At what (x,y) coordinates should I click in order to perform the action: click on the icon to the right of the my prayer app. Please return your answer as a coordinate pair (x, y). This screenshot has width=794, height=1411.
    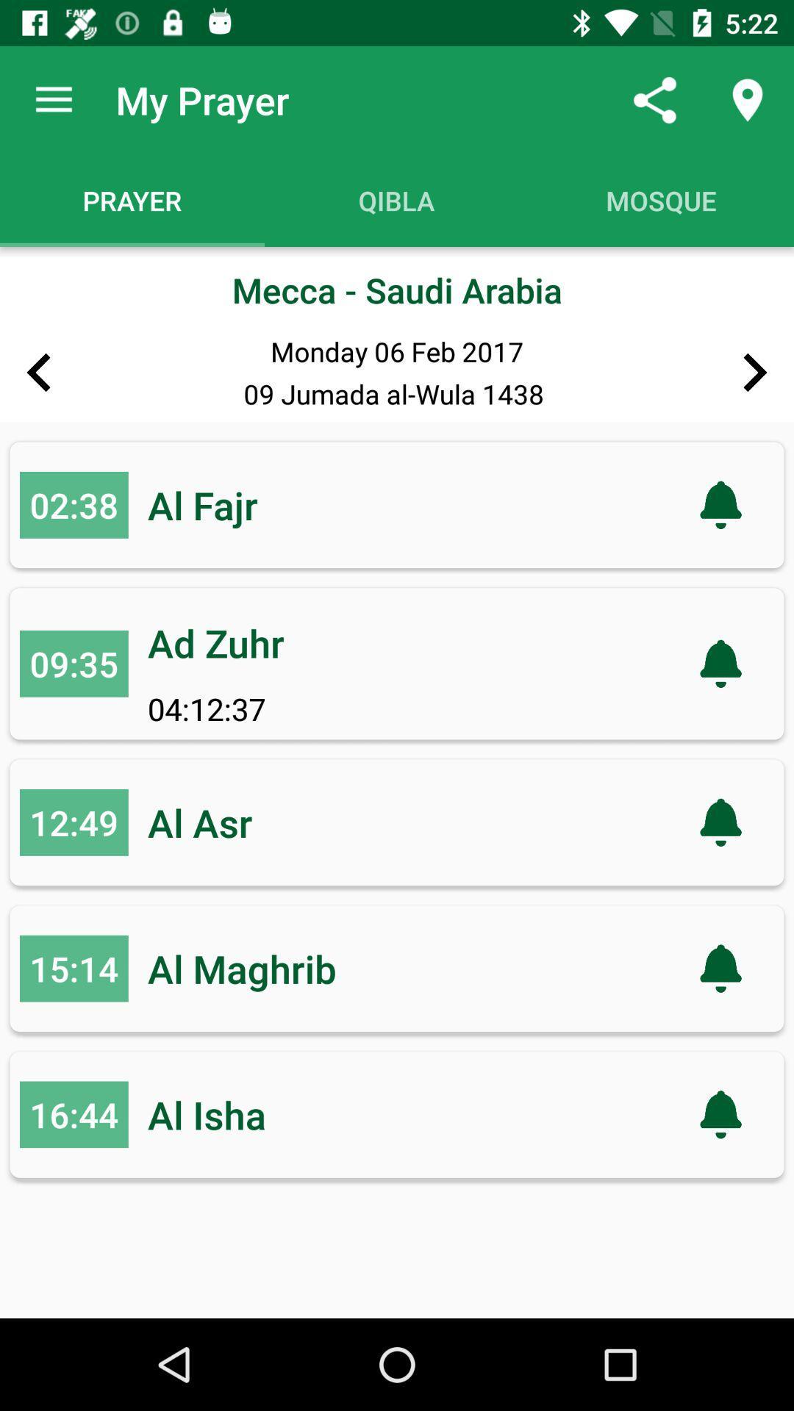
    Looking at the image, I should click on (654, 99).